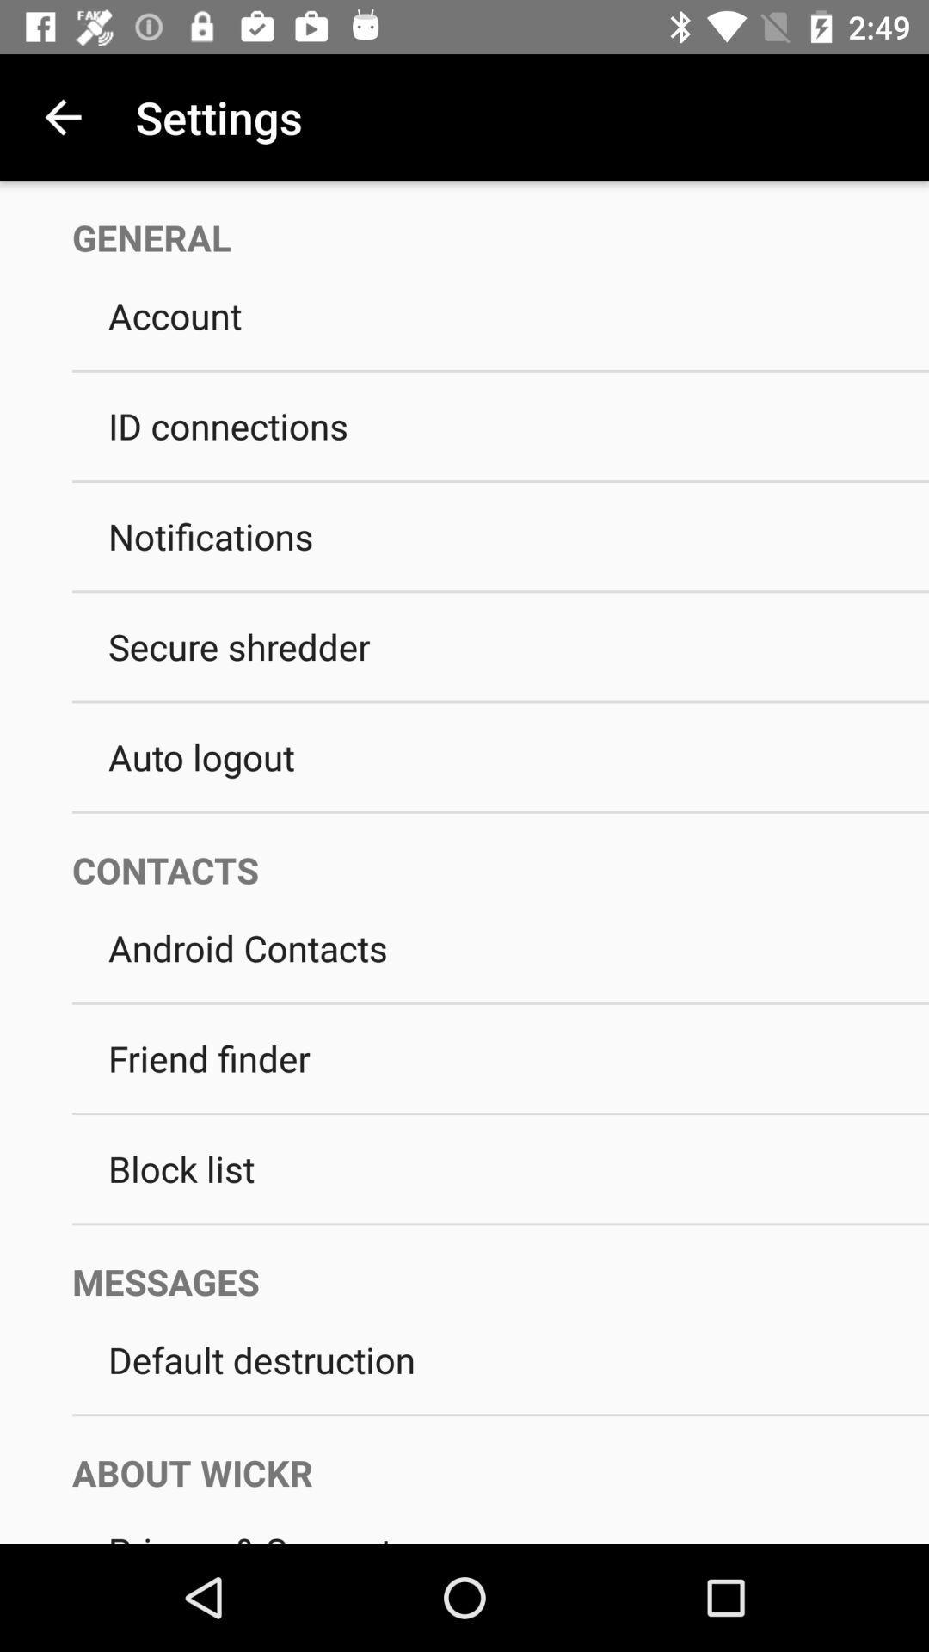 The width and height of the screenshot is (929, 1652). What do you see at coordinates (501, 425) in the screenshot?
I see `the id connections item` at bounding box center [501, 425].